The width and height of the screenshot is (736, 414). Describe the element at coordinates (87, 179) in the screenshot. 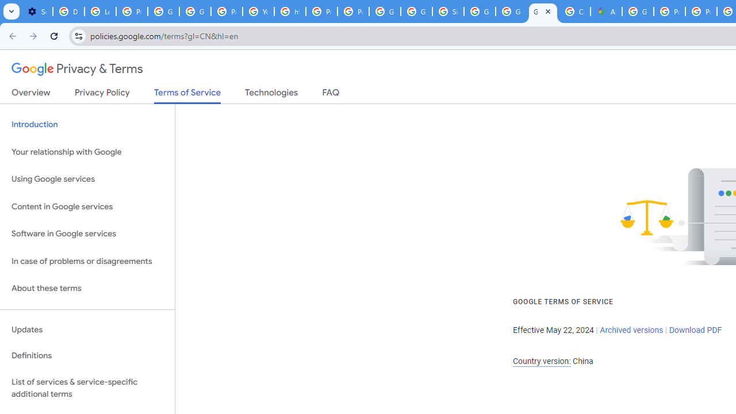

I see `'Using Google services'` at that location.